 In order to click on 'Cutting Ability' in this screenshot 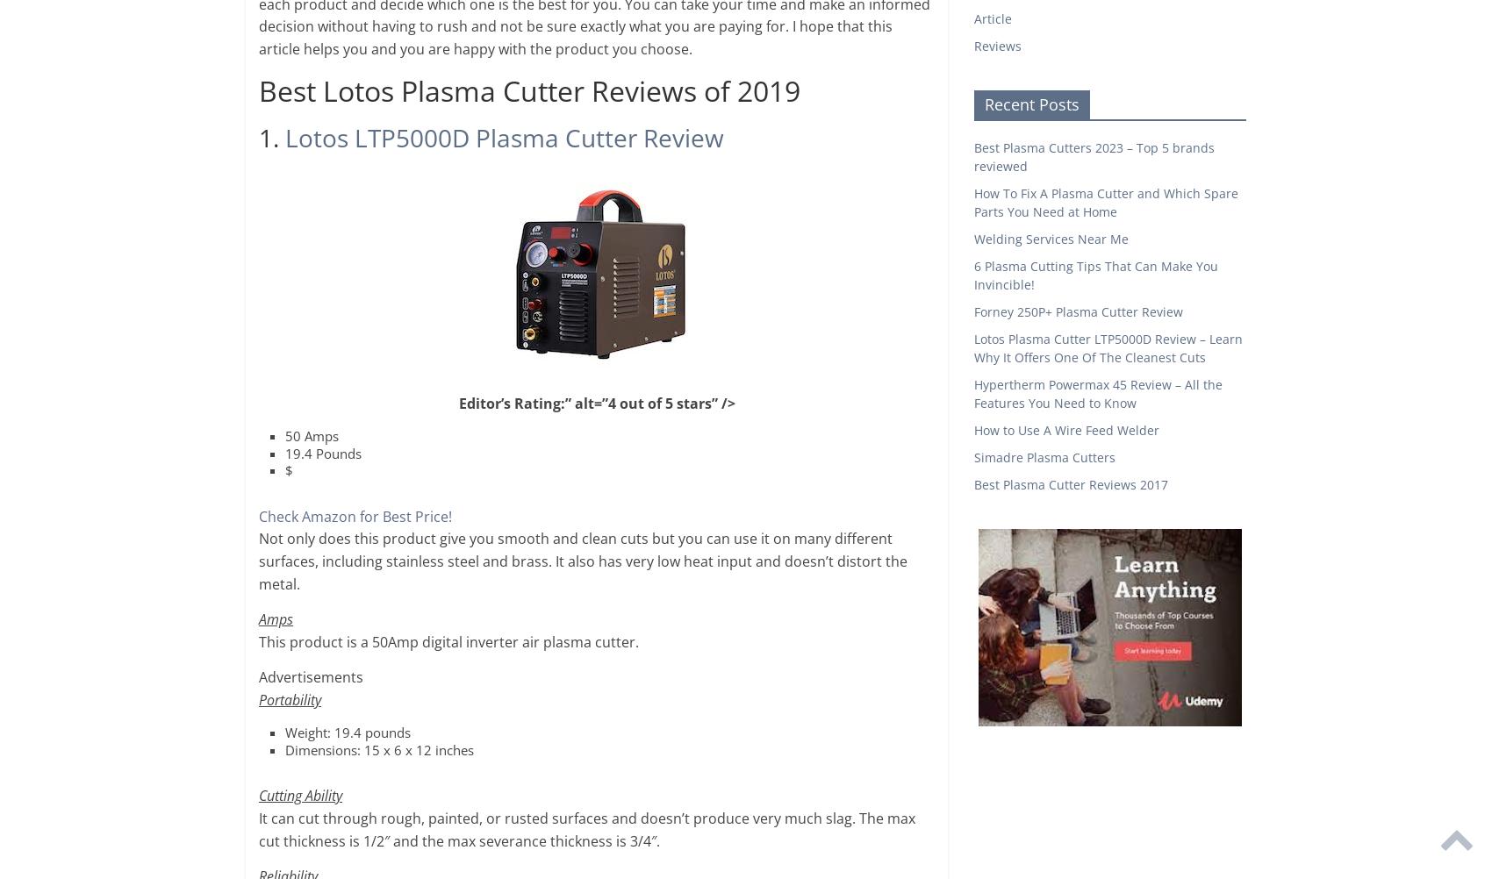, I will do `click(258, 796)`.